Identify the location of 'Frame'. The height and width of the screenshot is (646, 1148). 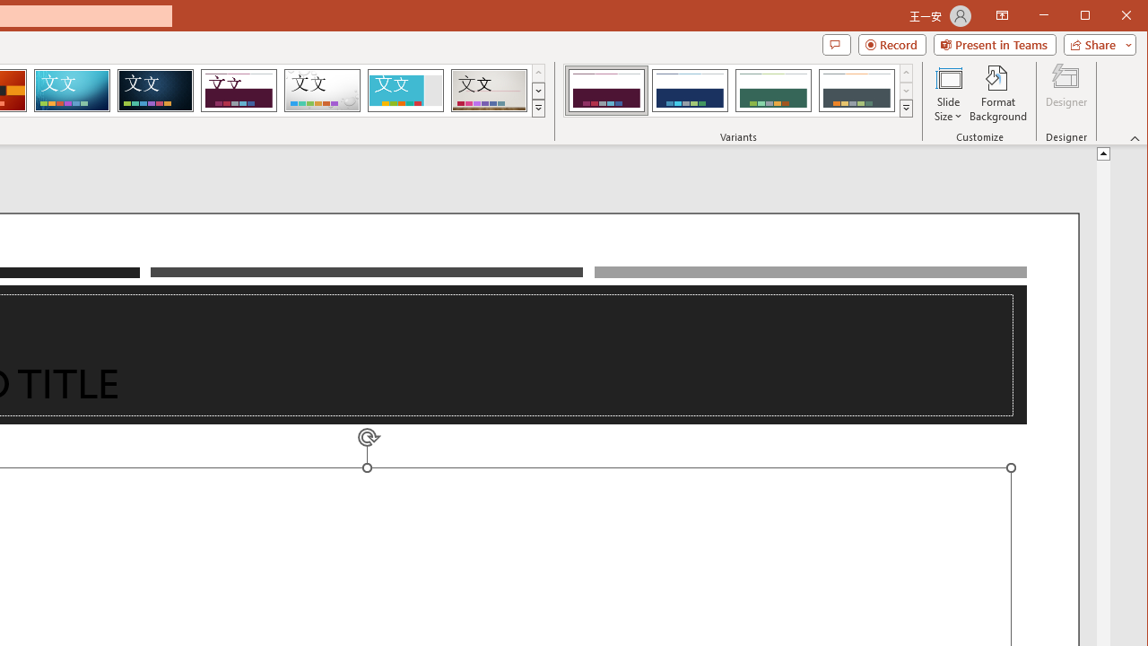
(404, 90).